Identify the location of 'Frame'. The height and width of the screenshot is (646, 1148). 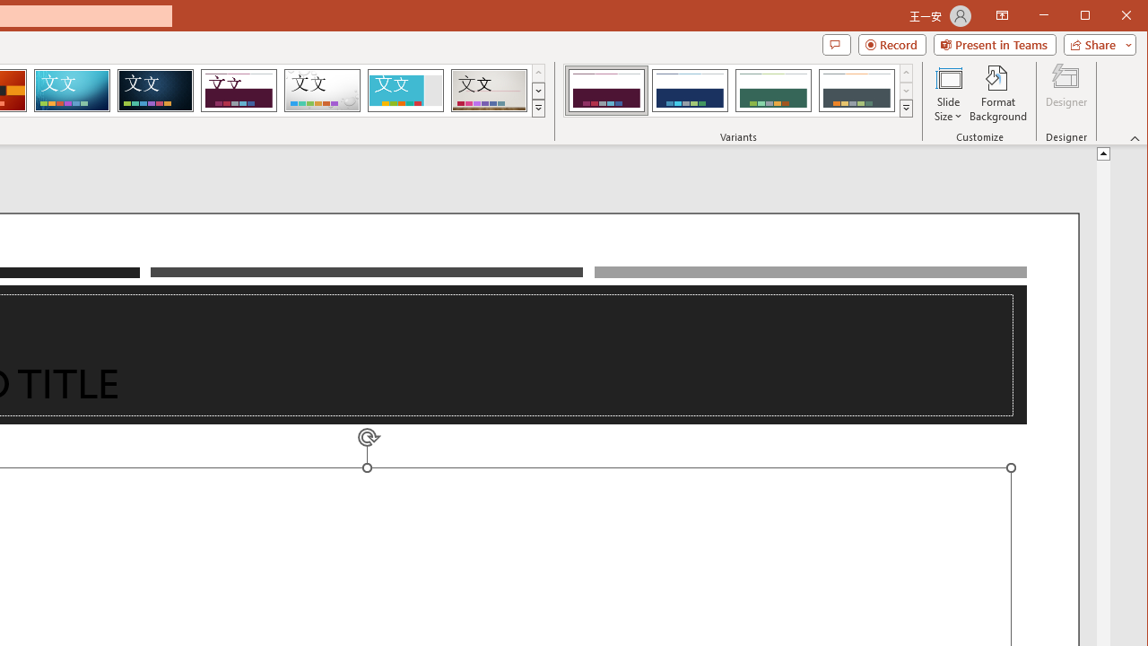
(404, 90).